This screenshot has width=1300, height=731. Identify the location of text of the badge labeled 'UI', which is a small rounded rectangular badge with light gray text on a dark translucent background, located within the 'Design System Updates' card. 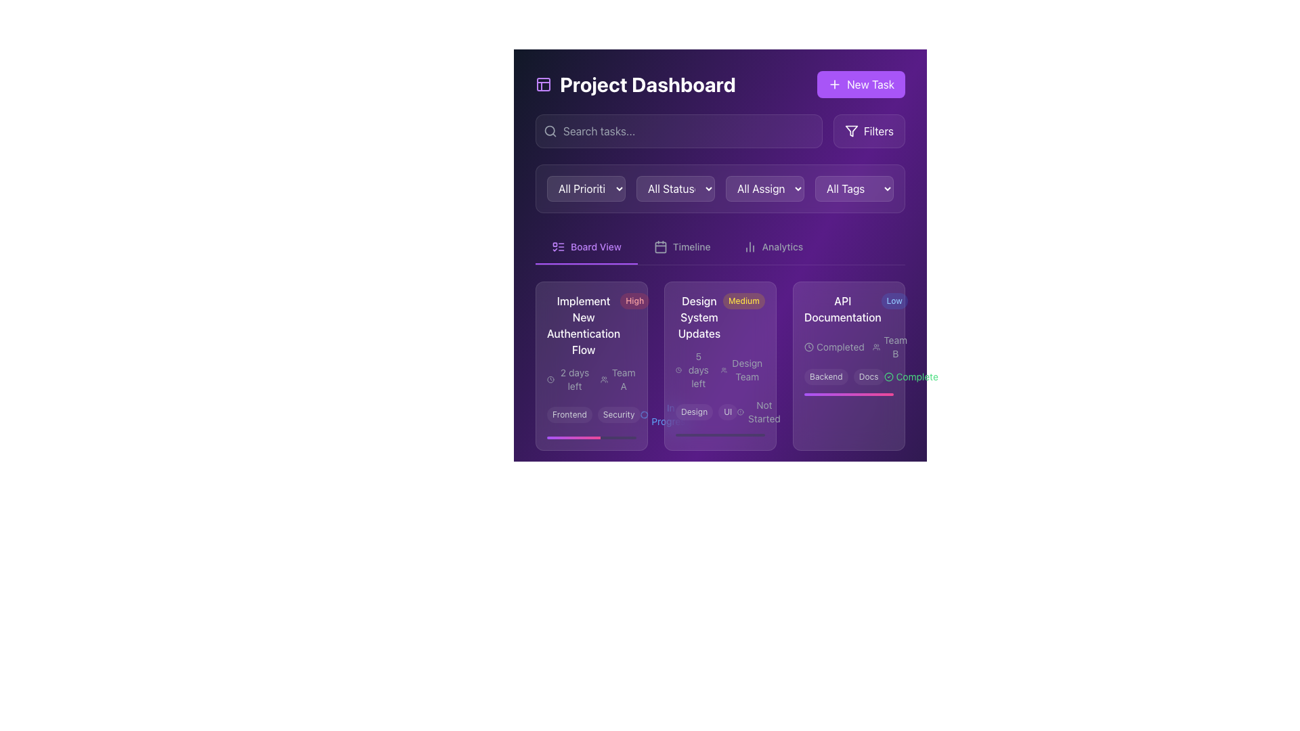
(727, 412).